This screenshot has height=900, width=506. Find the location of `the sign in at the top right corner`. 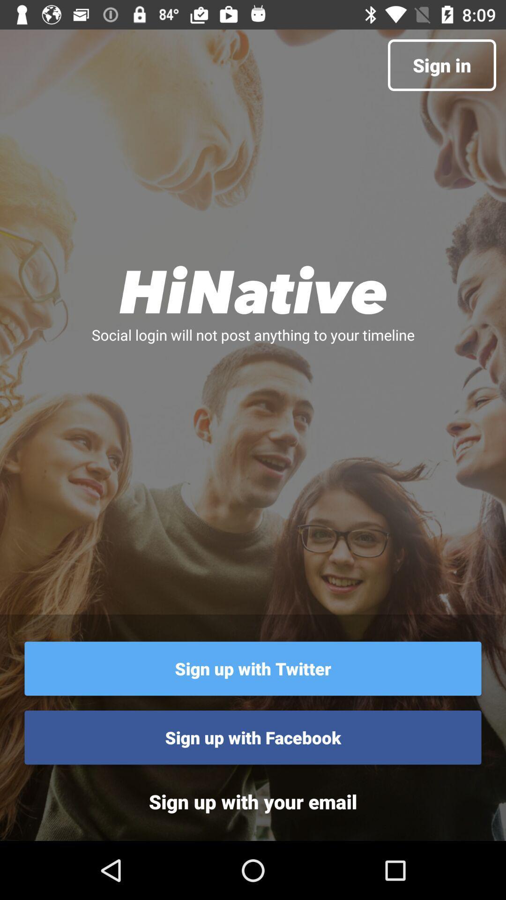

the sign in at the top right corner is located at coordinates (442, 65).